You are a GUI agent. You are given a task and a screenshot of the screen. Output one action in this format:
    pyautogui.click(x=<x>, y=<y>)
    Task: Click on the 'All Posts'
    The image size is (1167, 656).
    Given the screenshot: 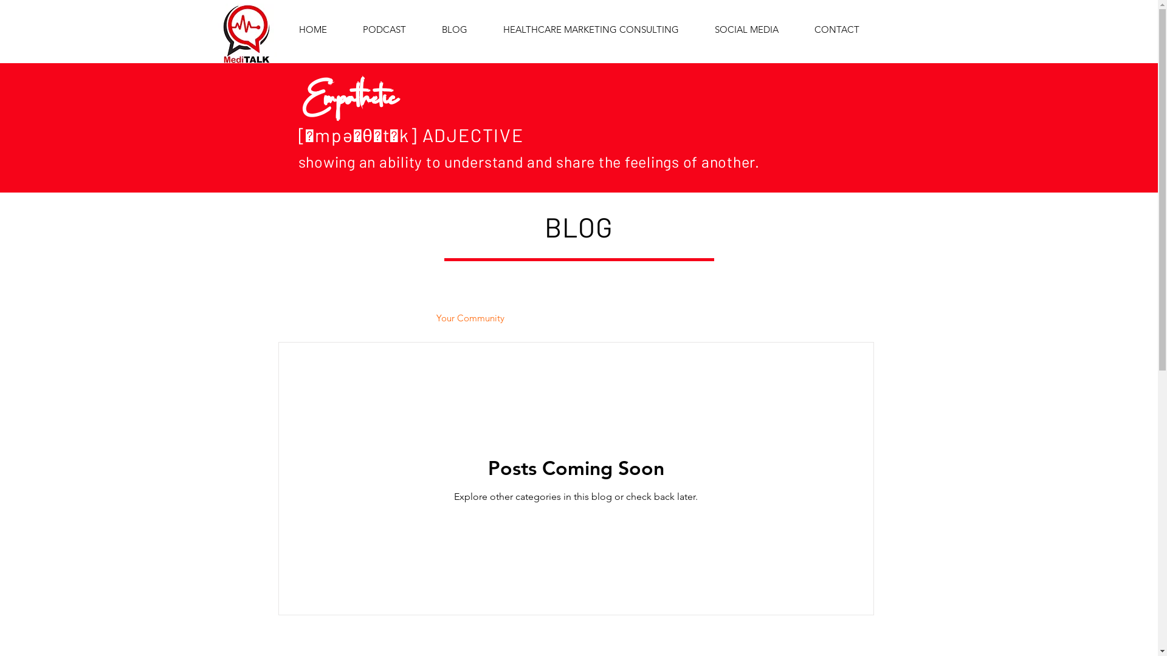 What is the action you would take?
    pyautogui.click(x=308, y=317)
    